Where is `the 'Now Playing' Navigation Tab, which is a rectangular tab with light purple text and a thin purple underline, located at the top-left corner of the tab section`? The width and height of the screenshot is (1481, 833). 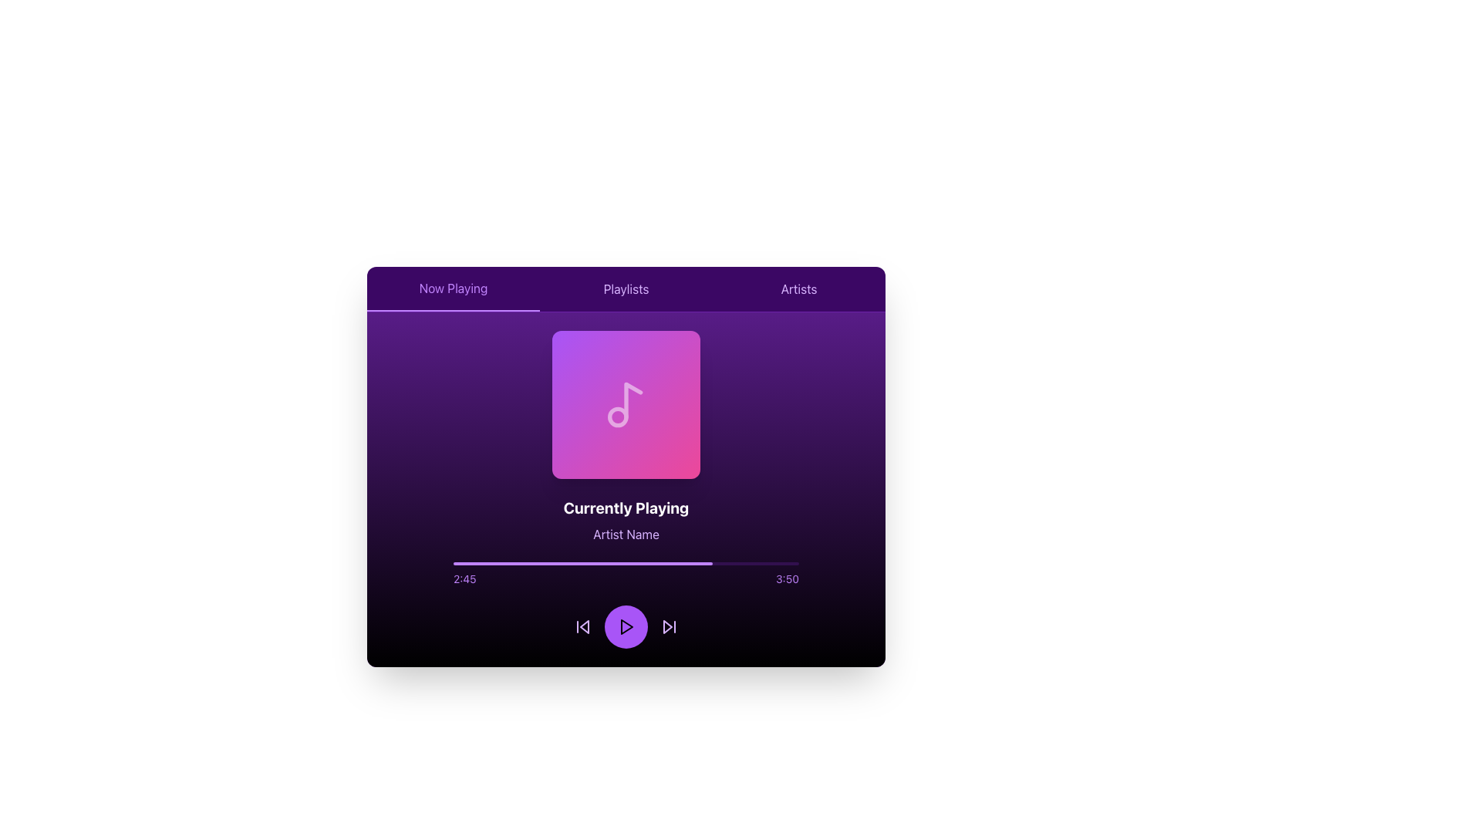
the 'Now Playing' Navigation Tab, which is a rectangular tab with light purple text and a thin purple underline, located at the top-left corner of the tab section is located at coordinates (453, 288).